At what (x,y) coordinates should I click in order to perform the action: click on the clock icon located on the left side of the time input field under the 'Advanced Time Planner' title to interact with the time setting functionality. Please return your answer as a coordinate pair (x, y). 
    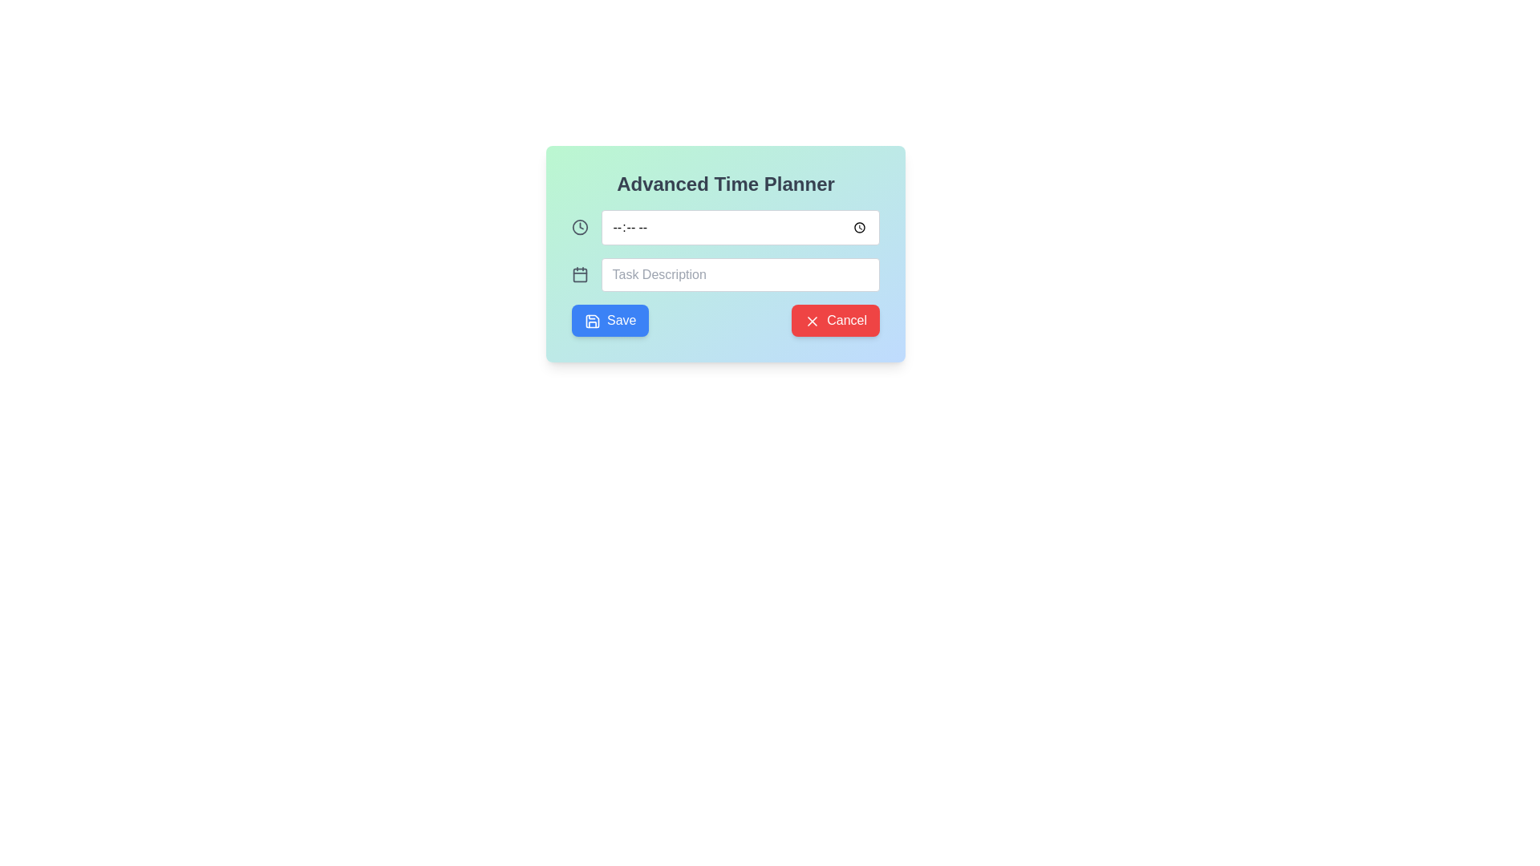
    Looking at the image, I should click on (579, 228).